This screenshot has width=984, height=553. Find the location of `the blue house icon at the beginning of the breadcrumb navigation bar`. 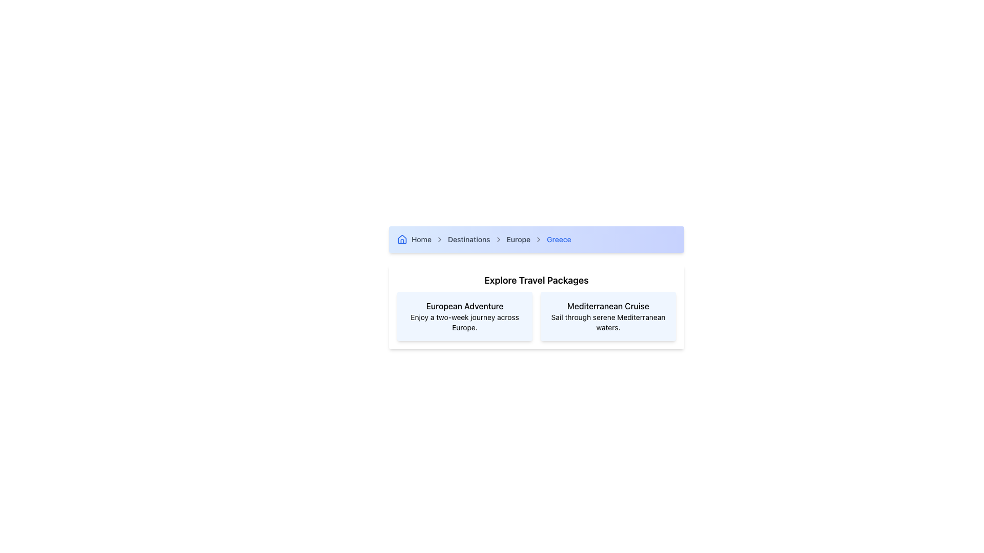

the blue house icon at the beginning of the breadcrumb navigation bar is located at coordinates (402, 239).